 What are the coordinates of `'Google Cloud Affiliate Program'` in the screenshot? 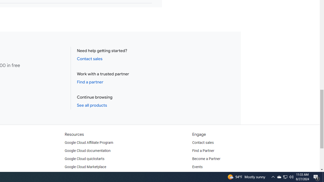 It's located at (89, 143).